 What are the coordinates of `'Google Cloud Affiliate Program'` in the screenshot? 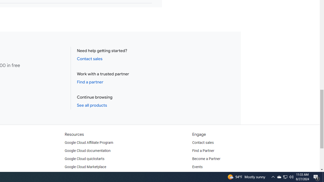 It's located at (89, 143).